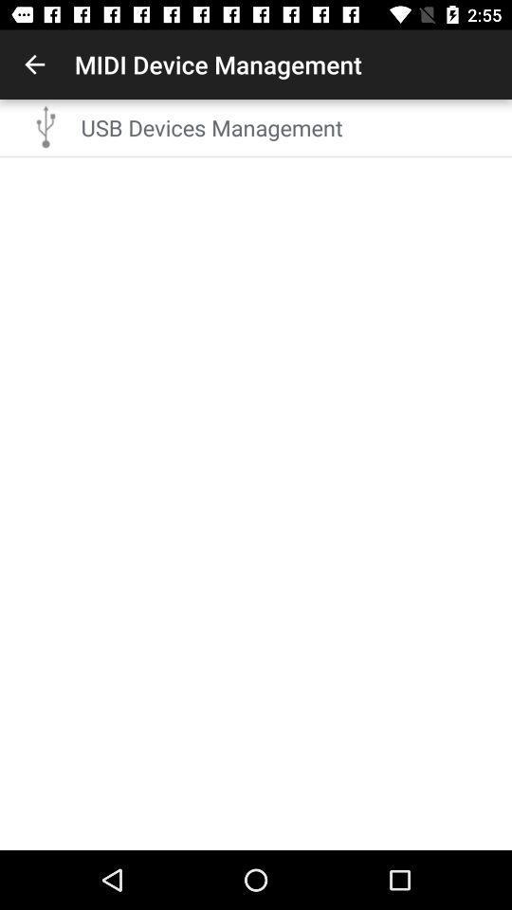 The width and height of the screenshot is (512, 910). What do you see at coordinates (34, 64) in the screenshot?
I see `item next to the midi device management item` at bounding box center [34, 64].